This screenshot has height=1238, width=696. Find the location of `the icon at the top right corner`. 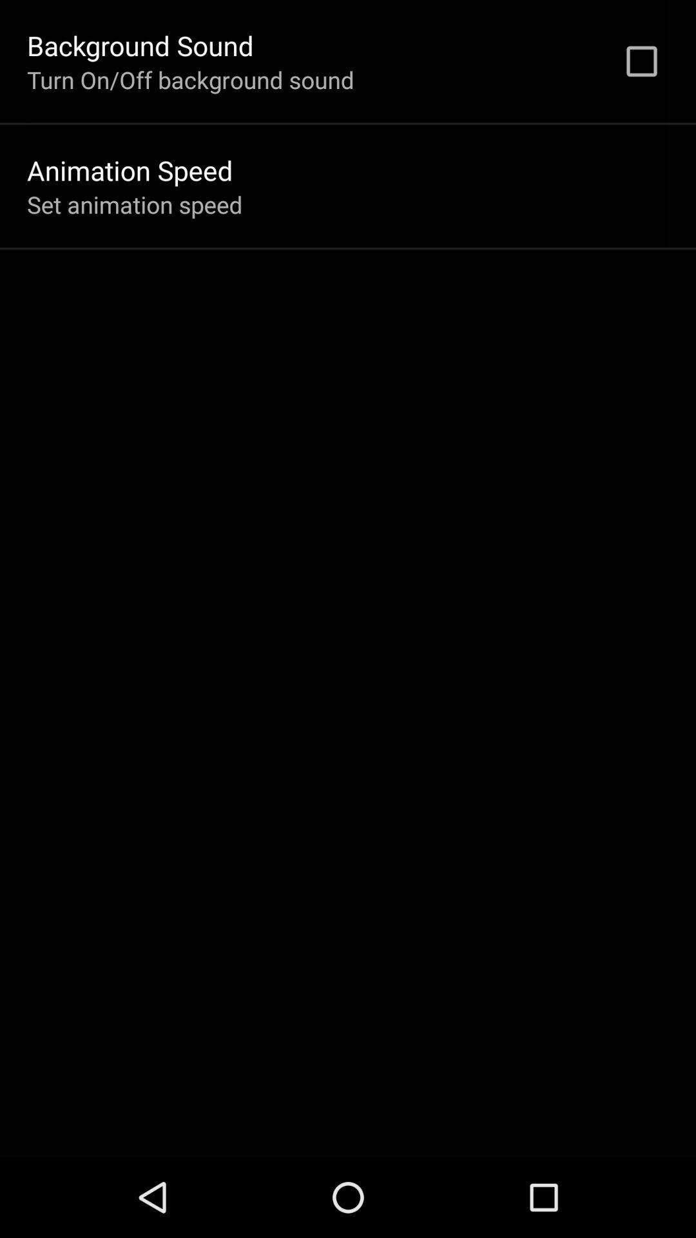

the icon at the top right corner is located at coordinates (641, 61).